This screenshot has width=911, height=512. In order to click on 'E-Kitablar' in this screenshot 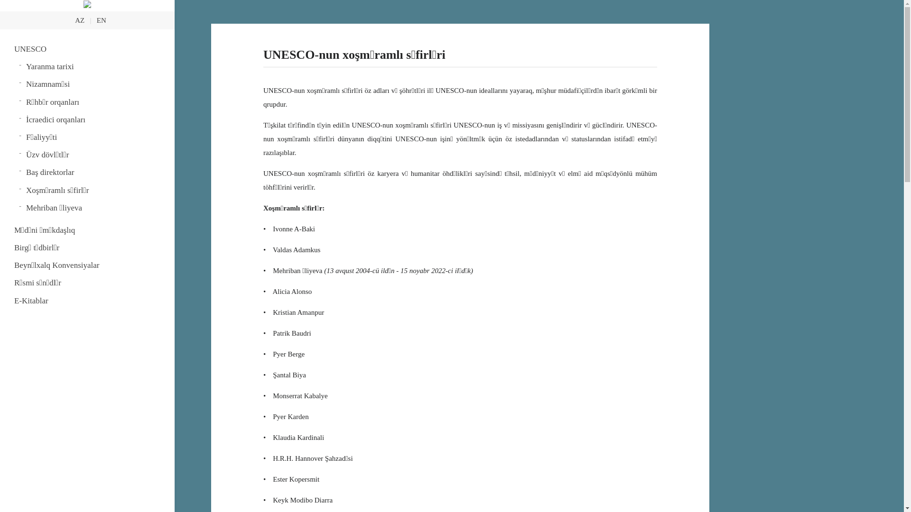, I will do `click(87, 301)`.